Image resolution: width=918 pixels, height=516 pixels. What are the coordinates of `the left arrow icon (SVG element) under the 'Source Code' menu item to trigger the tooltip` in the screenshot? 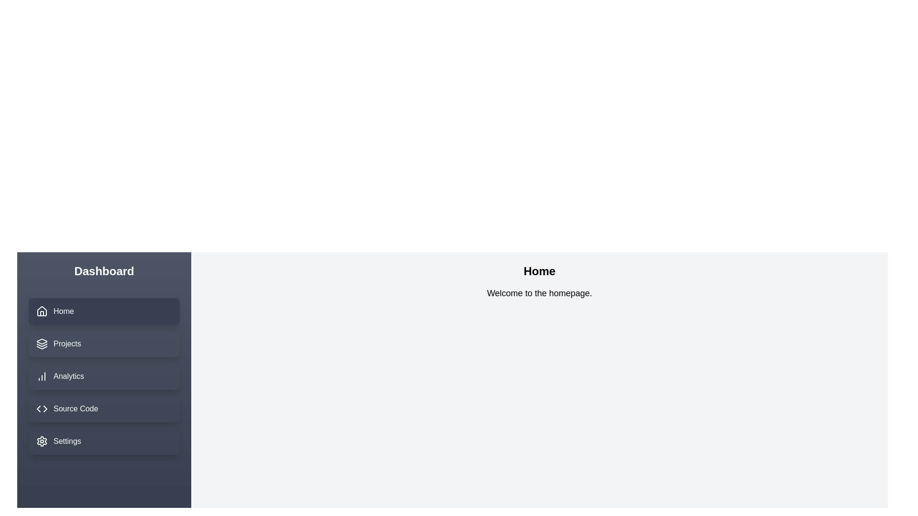 It's located at (38, 408).